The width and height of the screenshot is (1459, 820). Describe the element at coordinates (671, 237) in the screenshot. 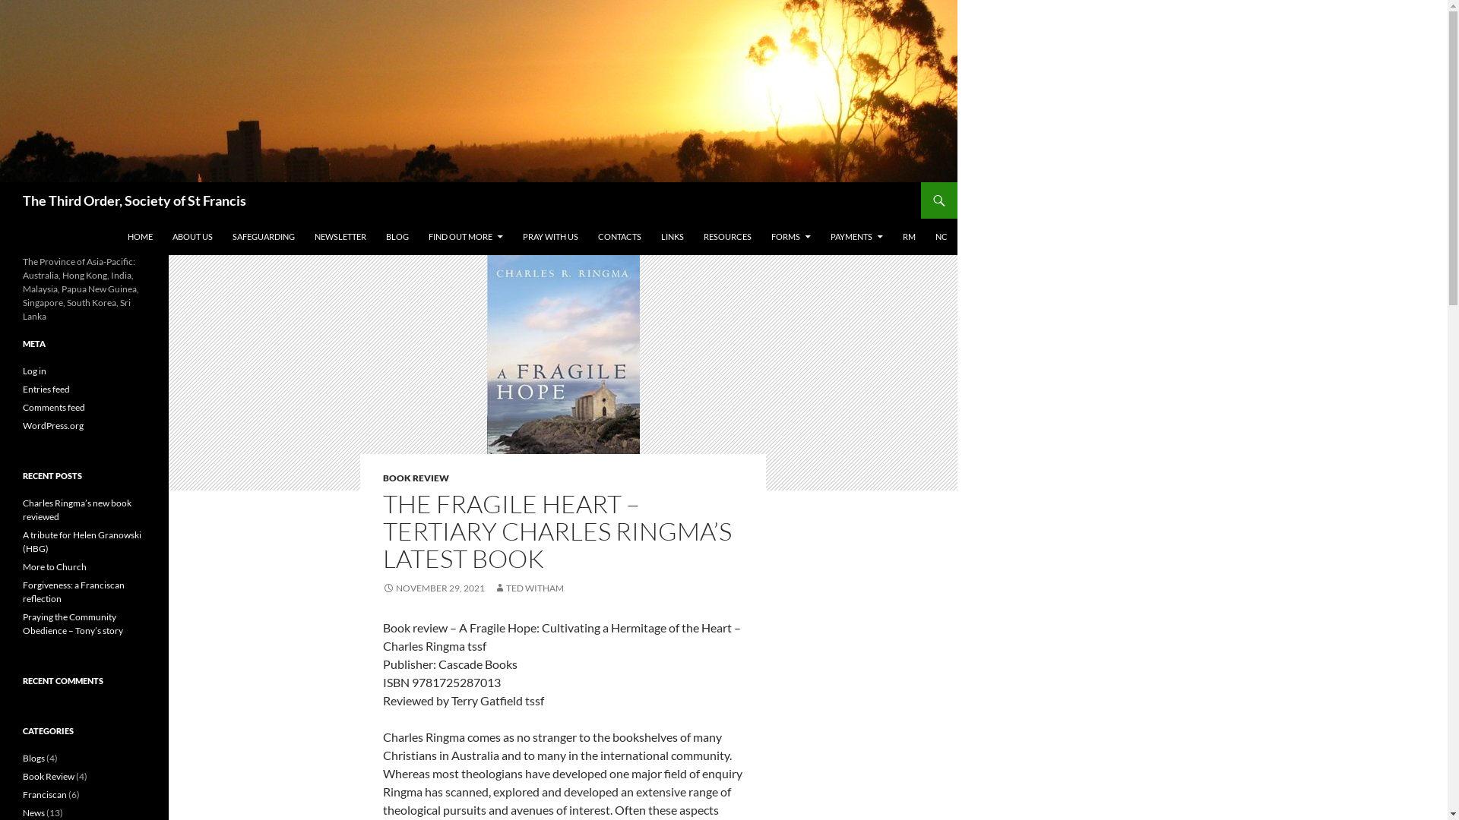

I see `'LINKS'` at that location.